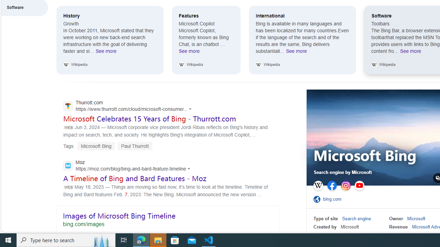 This screenshot has width=440, height=247. What do you see at coordinates (190, 168) in the screenshot?
I see `'Actions for this site'` at bounding box center [190, 168].